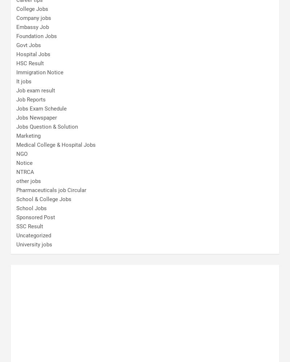 Image resolution: width=290 pixels, height=362 pixels. What do you see at coordinates (16, 234) in the screenshot?
I see `'Uncategorized'` at bounding box center [16, 234].